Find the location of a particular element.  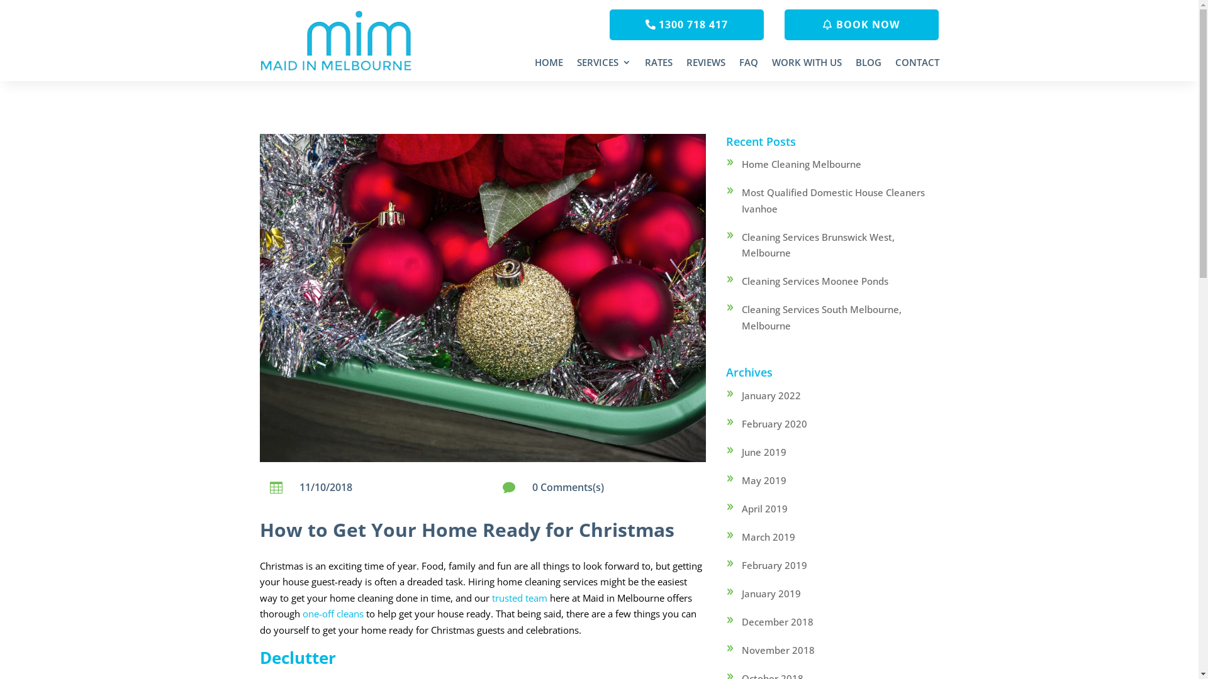

'RATES' is located at coordinates (657, 65).